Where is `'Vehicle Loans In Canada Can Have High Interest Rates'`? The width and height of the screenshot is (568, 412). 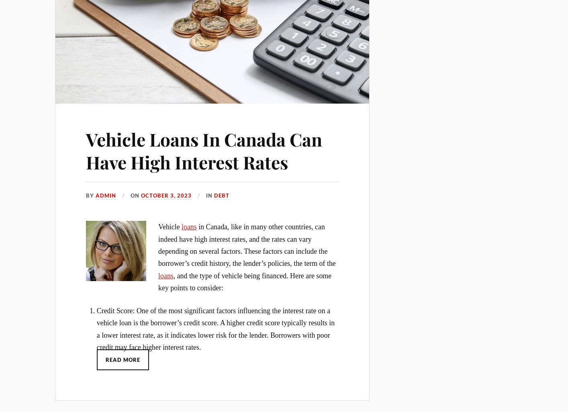 'Vehicle Loans In Canada Can Have High Interest Rates' is located at coordinates (204, 150).